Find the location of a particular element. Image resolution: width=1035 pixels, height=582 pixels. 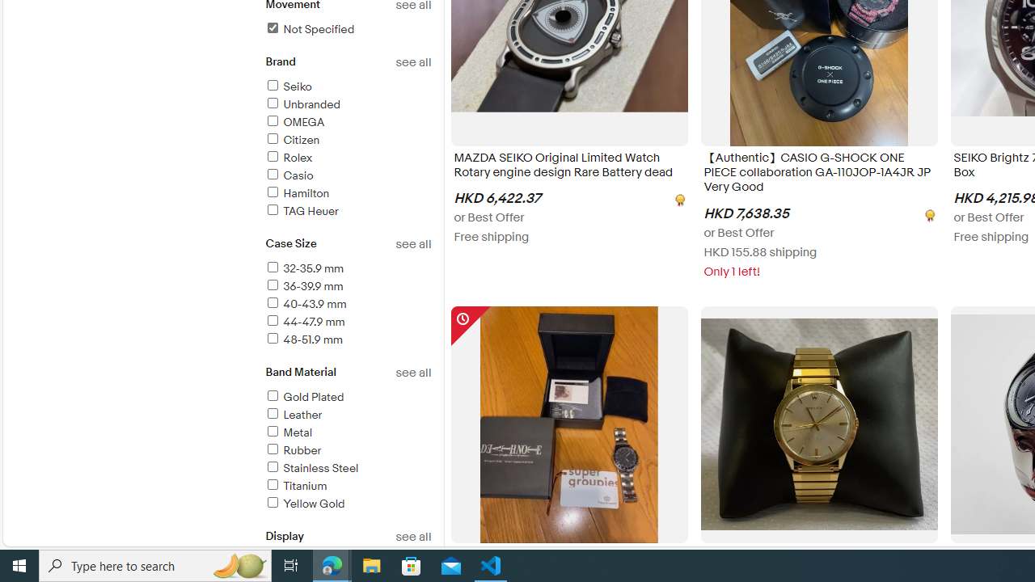

'Hamilton' is located at coordinates (347, 193).